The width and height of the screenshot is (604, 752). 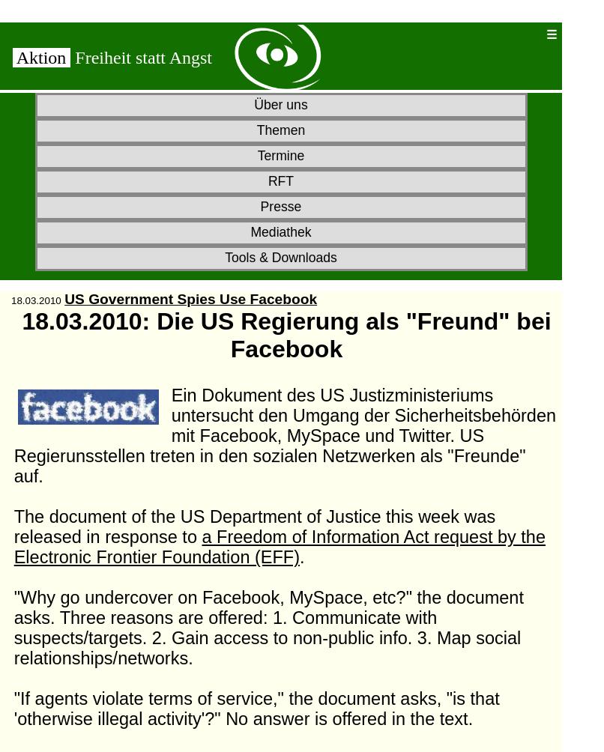 I want to click on 'Ein Dokument des US Justizministeriums untersucht den Umgang der Sicherheitsbehörden mit Facebook, MySpace und Twitter. US Regierunsstellen treten in den sozialen Netzwerken als "Freunde" auf.', so click(x=284, y=436).